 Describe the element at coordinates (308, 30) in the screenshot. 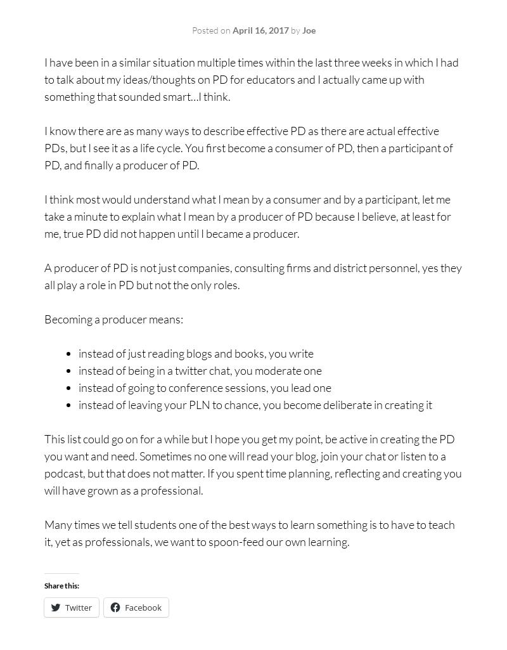

I see `'Joe'` at that location.